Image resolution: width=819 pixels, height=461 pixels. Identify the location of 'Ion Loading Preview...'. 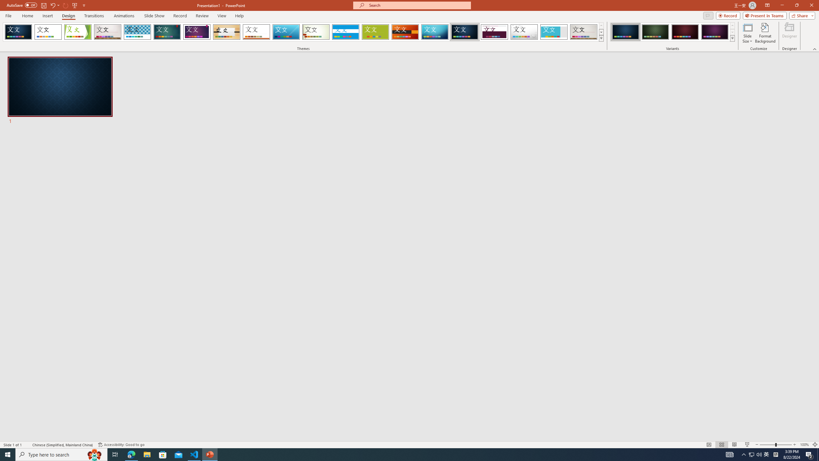
(167, 32).